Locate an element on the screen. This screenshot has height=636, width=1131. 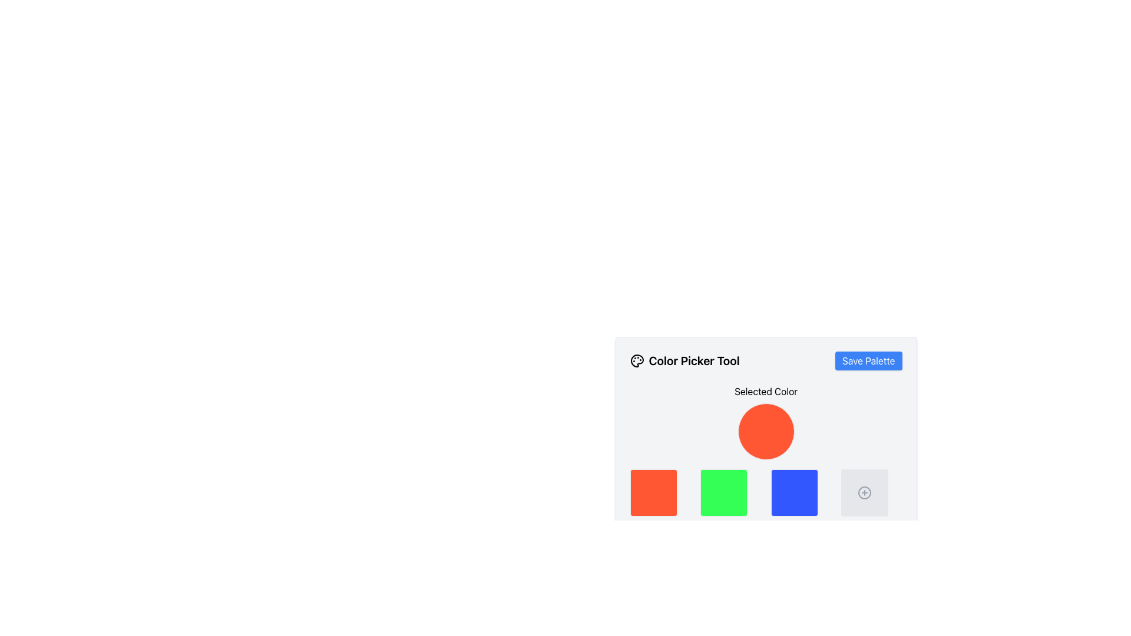
the top-left selectable red square with rounded corners is located at coordinates (653, 493).